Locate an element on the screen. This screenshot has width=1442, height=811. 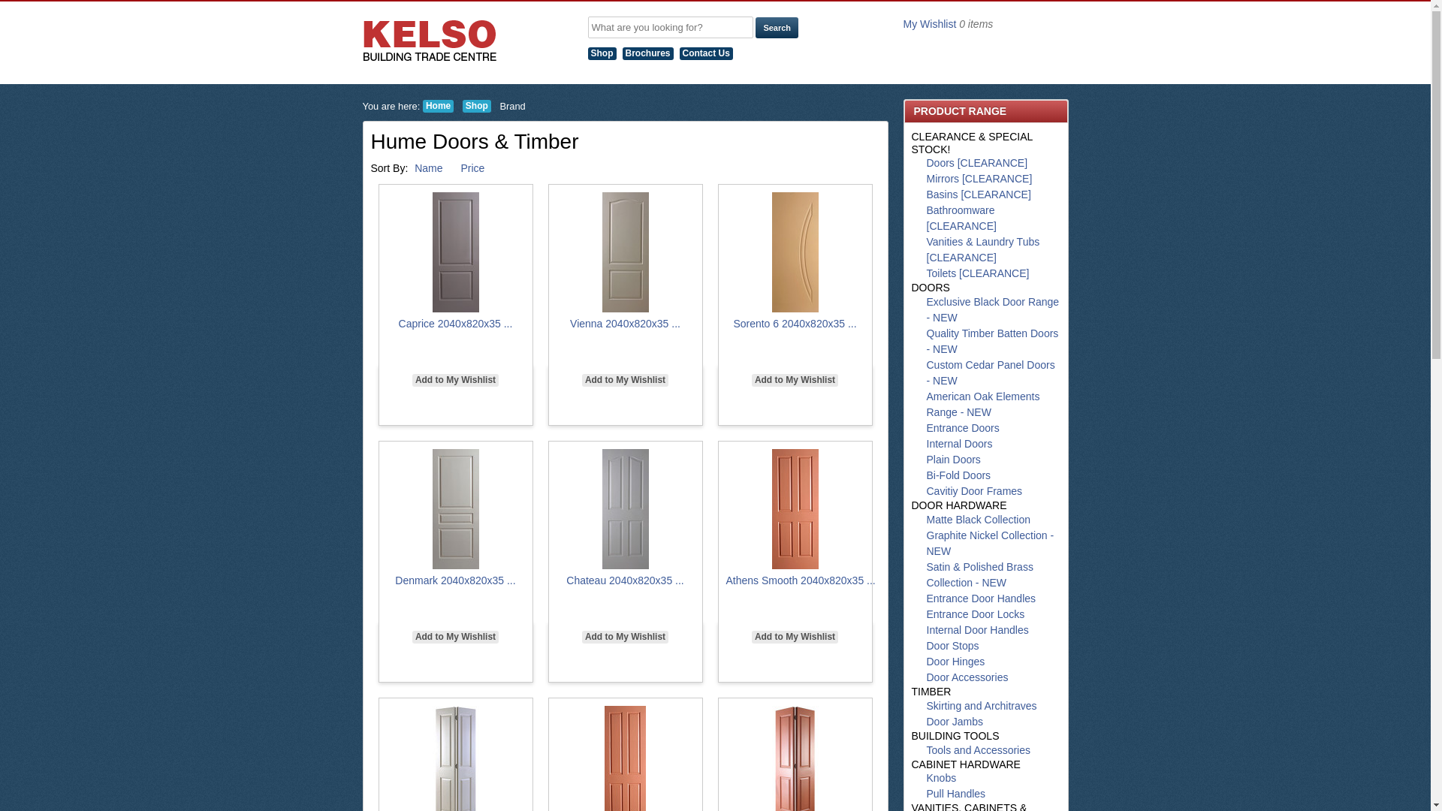
'Vanities & Laundry Tubs [CLEARANCE]' is located at coordinates (925, 249).